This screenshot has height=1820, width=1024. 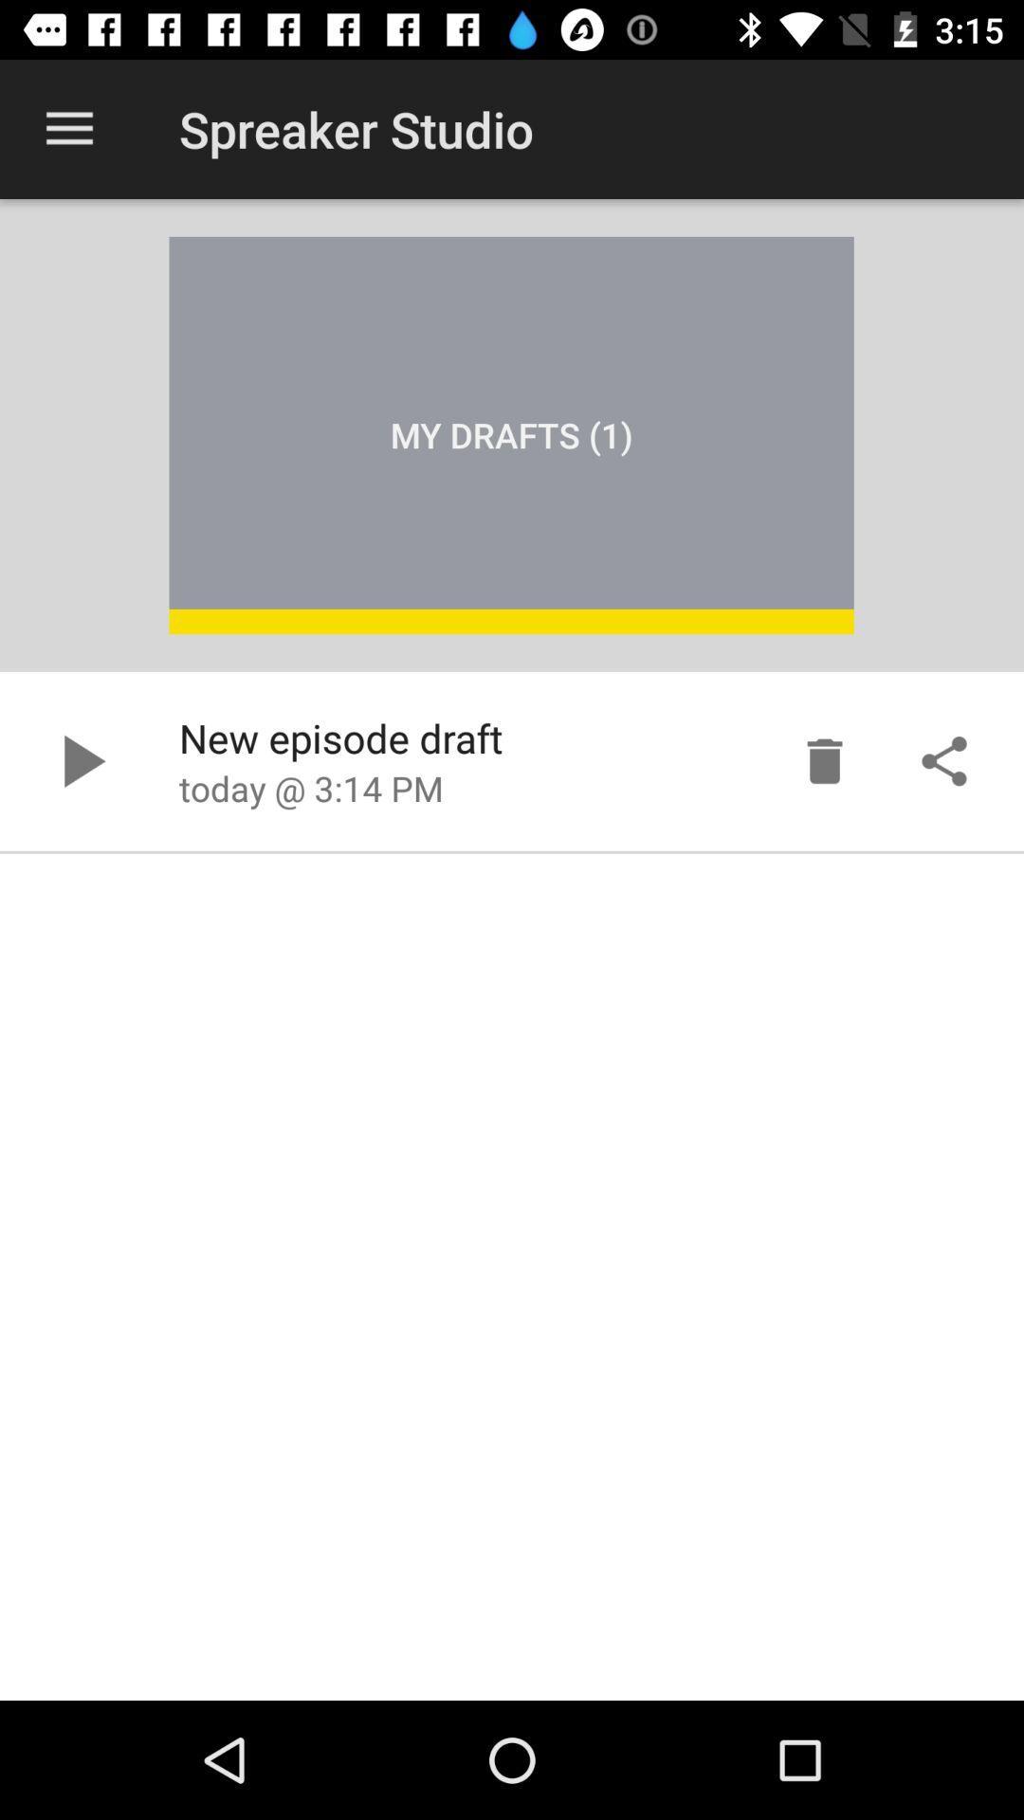 What do you see at coordinates (943, 761) in the screenshot?
I see `audio options` at bounding box center [943, 761].